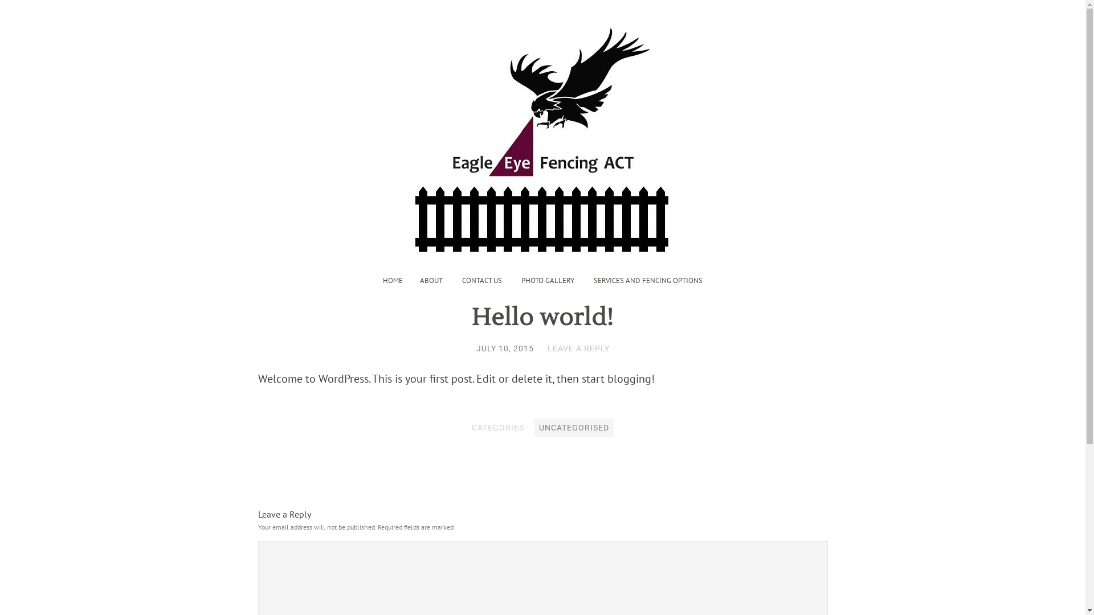 The width and height of the screenshot is (1094, 615). Describe the element at coordinates (578, 348) in the screenshot. I see `'LEAVE A REPLY'` at that location.